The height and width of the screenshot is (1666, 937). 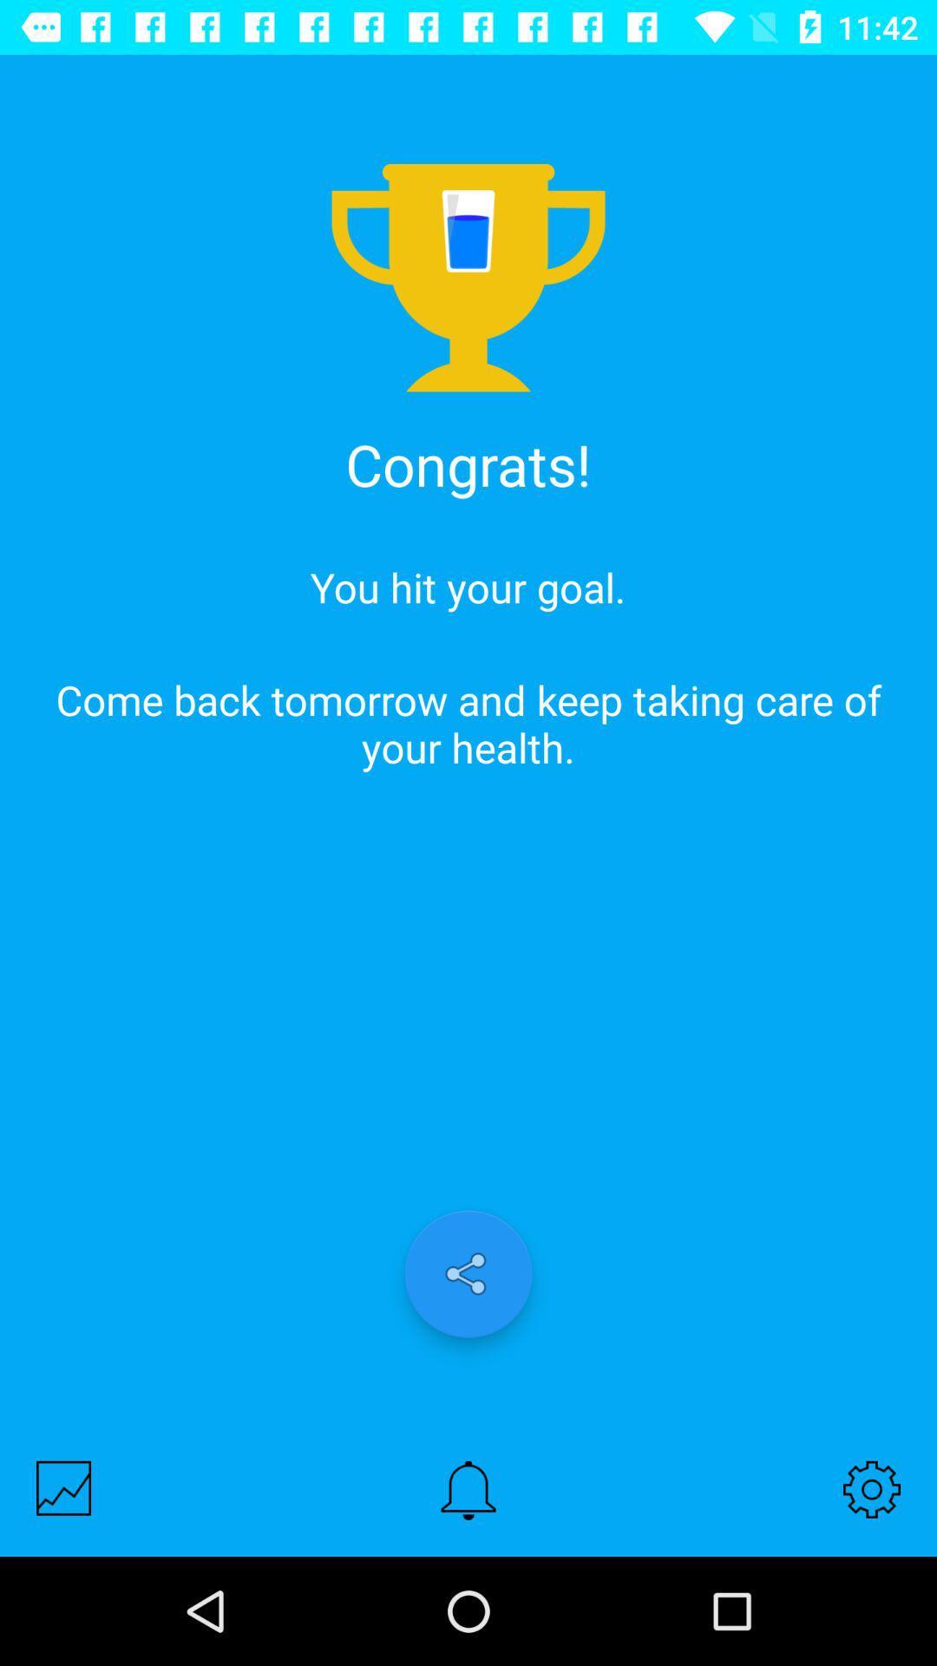 What do you see at coordinates (468, 1489) in the screenshot?
I see `the notifications icon` at bounding box center [468, 1489].